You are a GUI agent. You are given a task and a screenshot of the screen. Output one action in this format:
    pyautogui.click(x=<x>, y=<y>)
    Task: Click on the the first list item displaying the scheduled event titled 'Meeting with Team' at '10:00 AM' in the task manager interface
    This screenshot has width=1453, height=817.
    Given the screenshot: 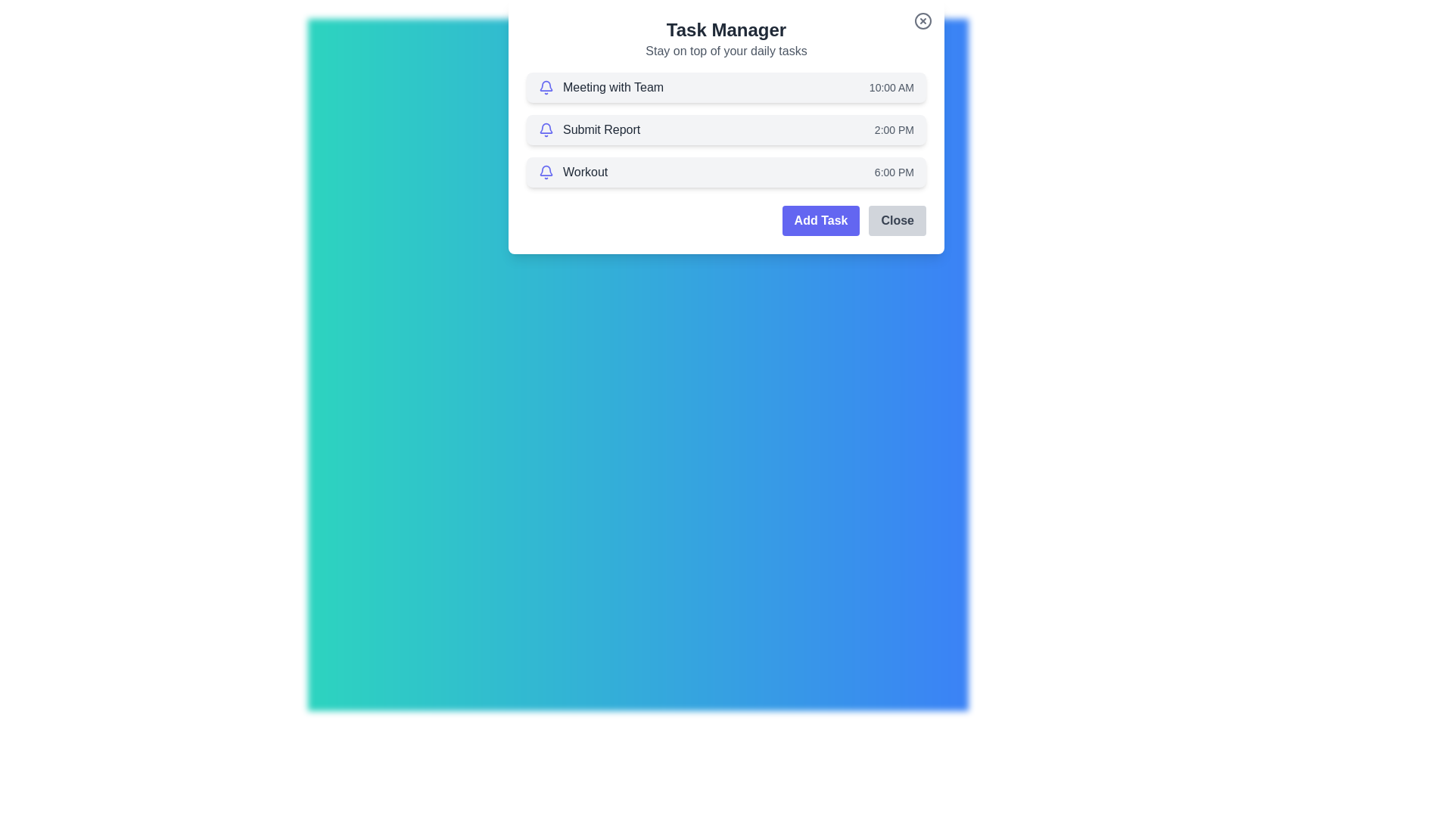 What is the action you would take?
    pyautogui.click(x=726, y=87)
    